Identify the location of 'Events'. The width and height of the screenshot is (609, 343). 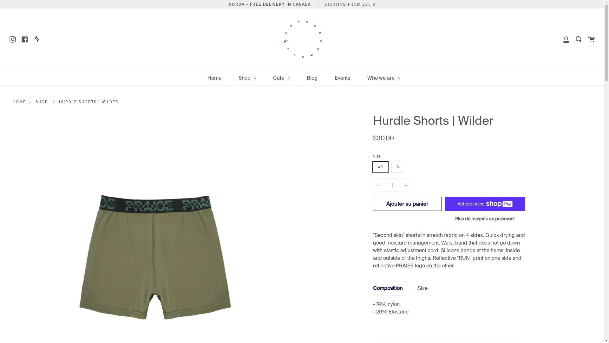
(342, 77).